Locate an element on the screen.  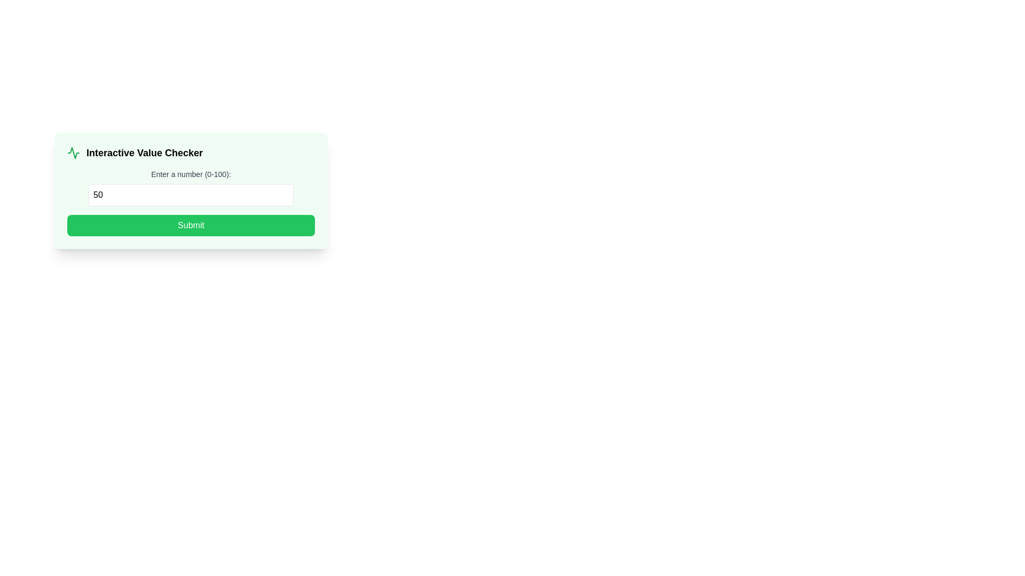
the green outline icon representing an activity, which is located to the left of the text 'Interactive Value Checker' in the header area of the card-like component is located at coordinates (73, 153).